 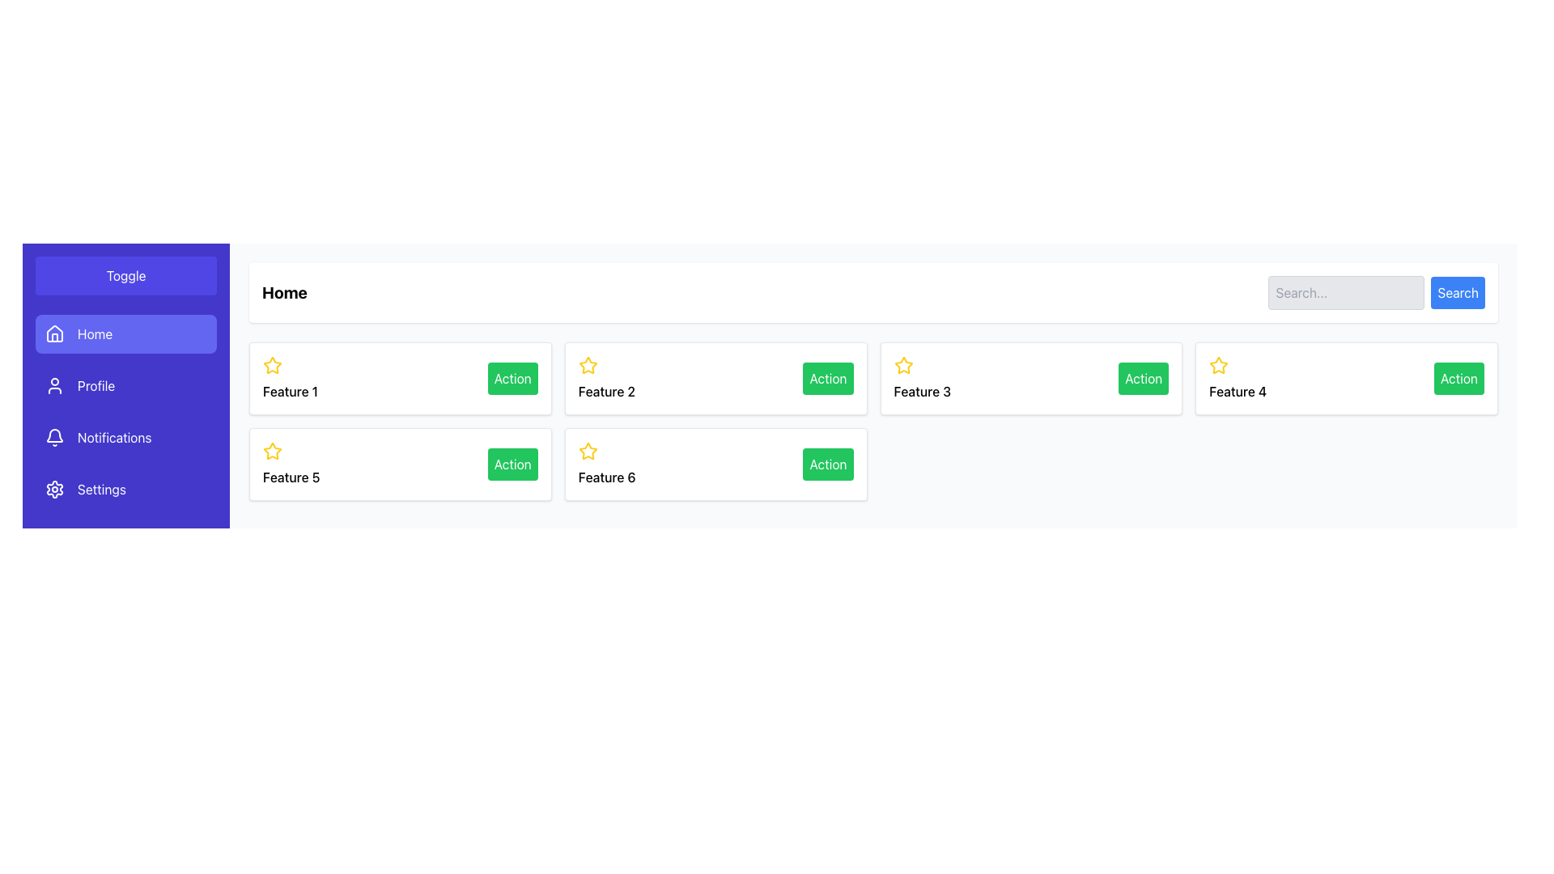 I want to click on the star icon with a yellow border in the top-left section of the 'Feature 4' card to rate it, so click(x=1219, y=365).